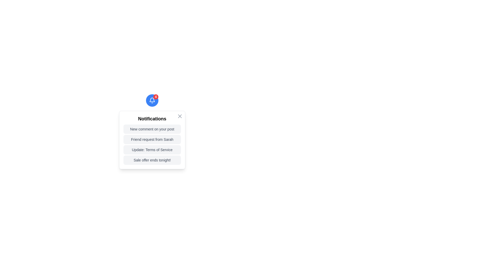  I want to click on notifications from the Notification Popup that appears as a rectangular popup with a white background and a header labeled 'Notifications', so click(152, 140).